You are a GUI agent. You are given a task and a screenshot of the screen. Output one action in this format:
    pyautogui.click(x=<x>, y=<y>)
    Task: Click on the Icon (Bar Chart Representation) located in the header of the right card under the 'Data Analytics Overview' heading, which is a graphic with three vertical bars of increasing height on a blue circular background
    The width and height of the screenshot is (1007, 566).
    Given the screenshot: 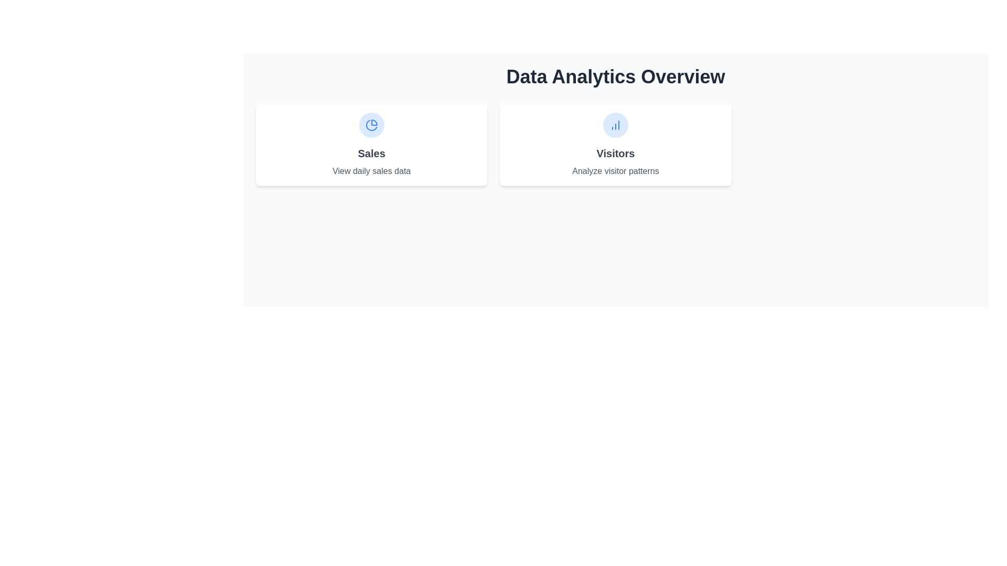 What is the action you would take?
    pyautogui.click(x=615, y=125)
    